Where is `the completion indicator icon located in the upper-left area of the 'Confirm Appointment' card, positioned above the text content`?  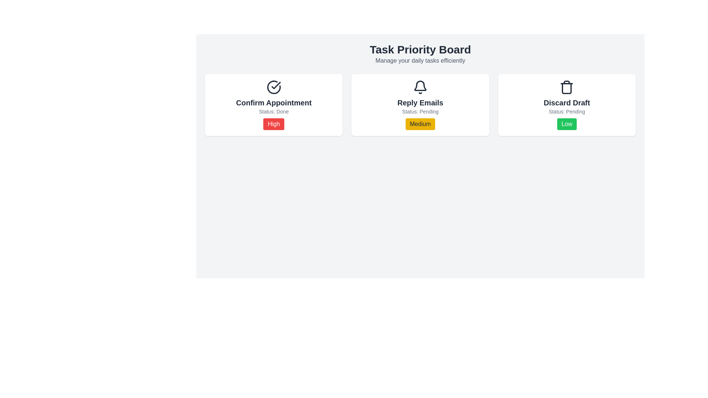
the completion indicator icon located in the upper-left area of the 'Confirm Appointment' card, positioned above the text content is located at coordinates (273, 87).